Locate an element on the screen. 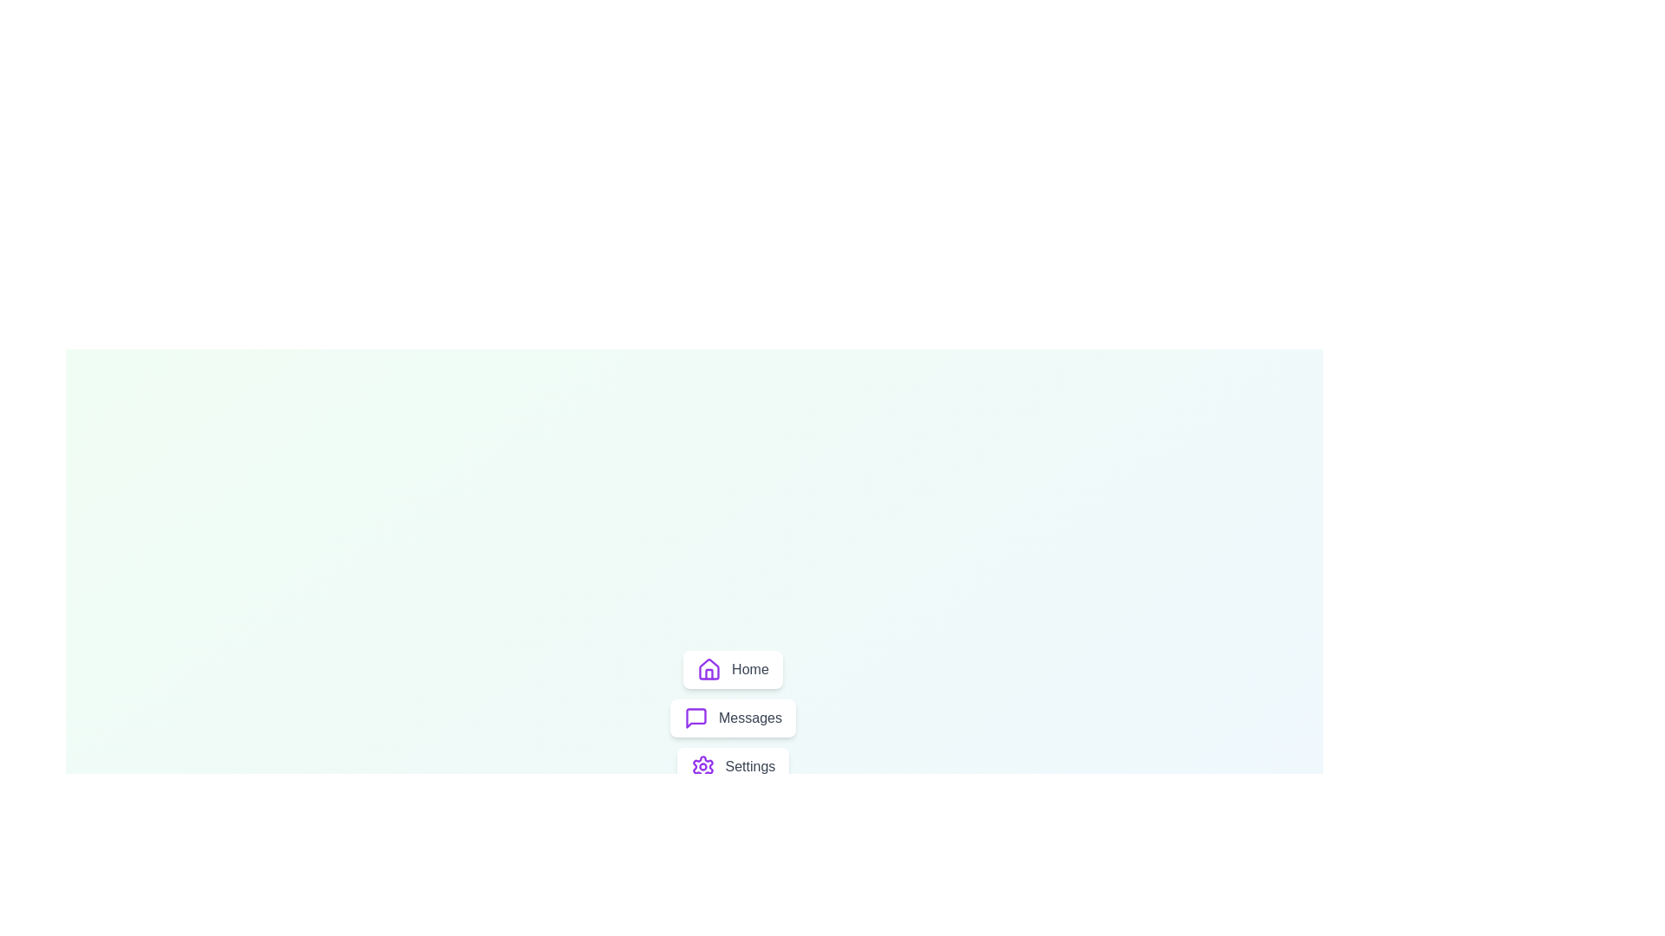 The image size is (1665, 936). the Messages icon from the menu is located at coordinates (695, 718).